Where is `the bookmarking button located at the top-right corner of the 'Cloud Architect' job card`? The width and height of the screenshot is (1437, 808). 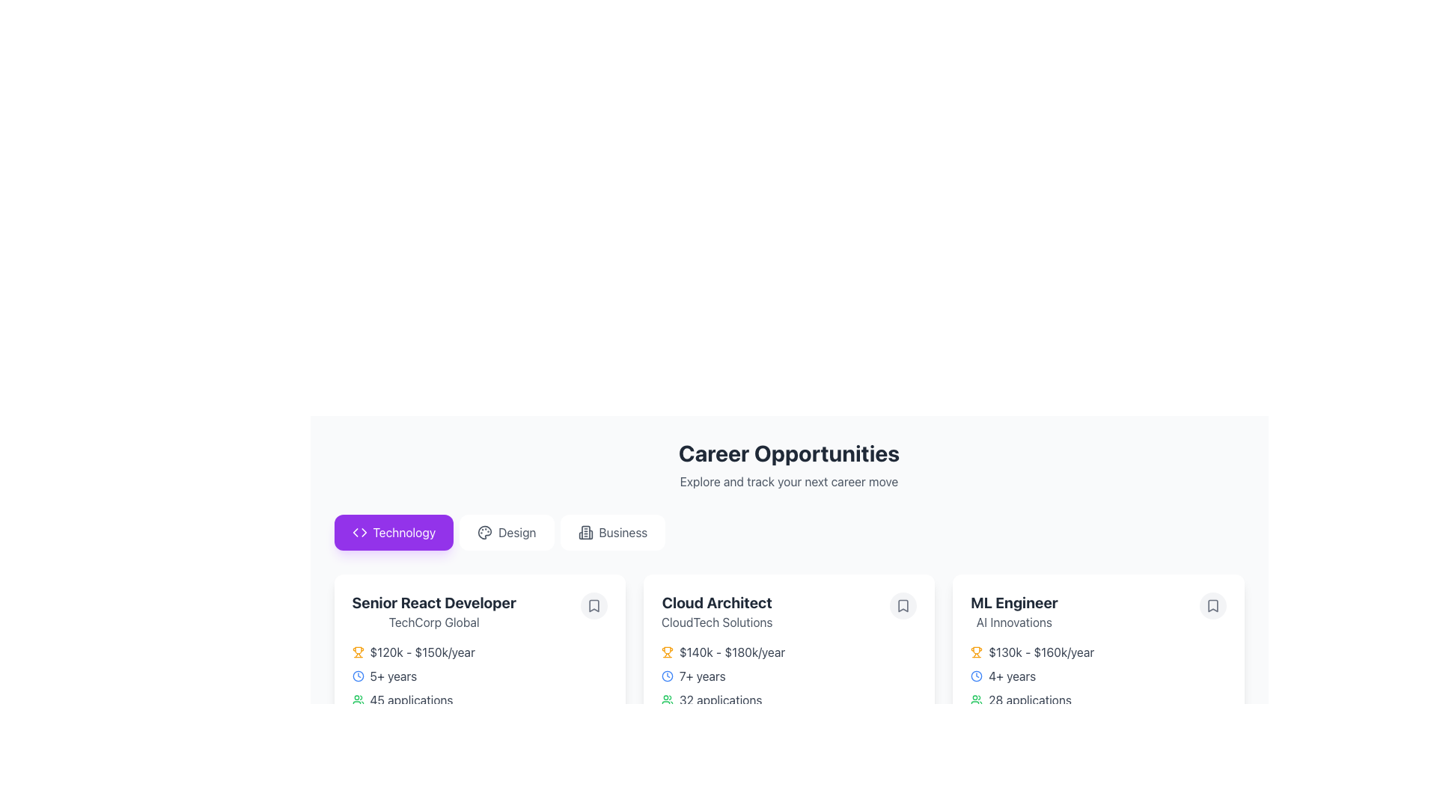 the bookmarking button located at the top-right corner of the 'Cloud Architect' job card is located at coordinates (903, 606).